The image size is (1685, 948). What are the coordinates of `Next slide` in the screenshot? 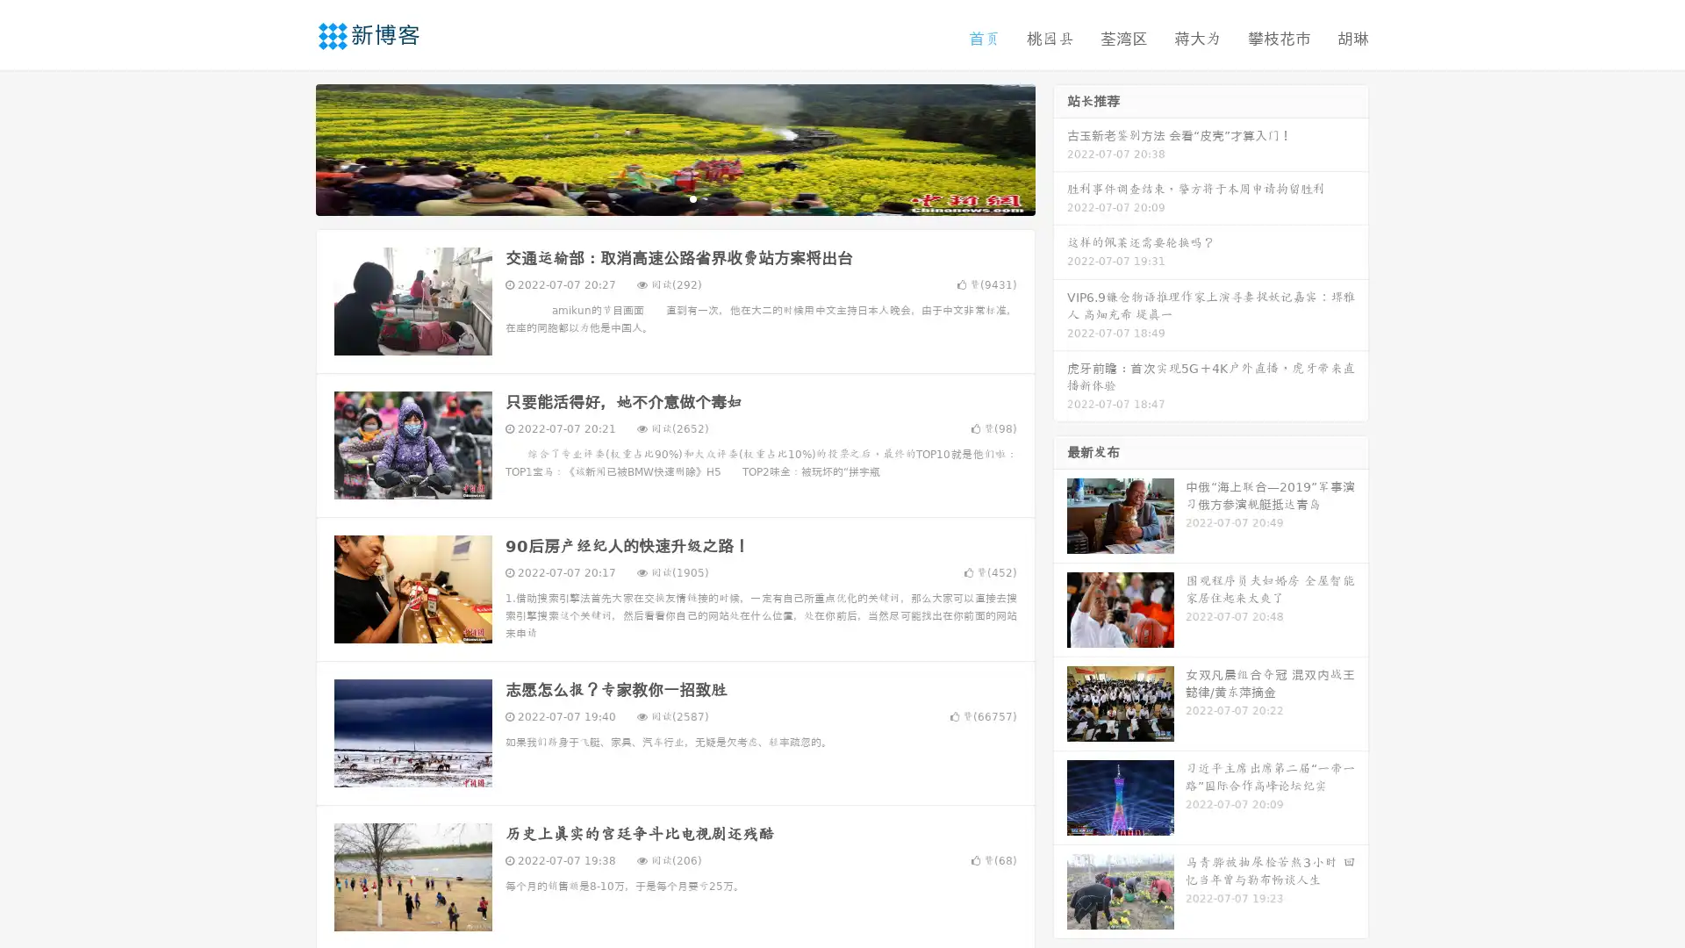 It's located at (1060, 147).